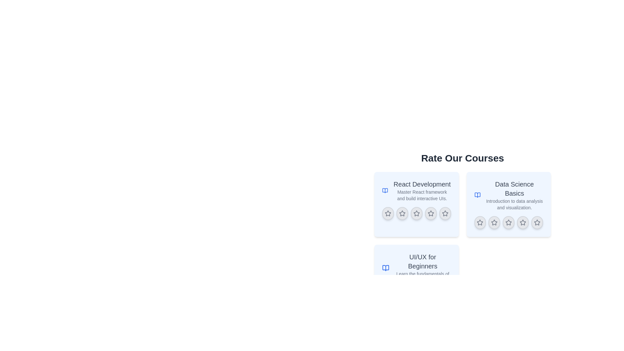 Image resolution: width=624 pixels, height=351 pixels. What do you see at coordinates (508, 222) in the screenshot?
I see `the interactive button with a star icon, which is the third button in a horizontal row located at the bottom of the 'Data Science Basics' card` at bounding box center [508, 222].